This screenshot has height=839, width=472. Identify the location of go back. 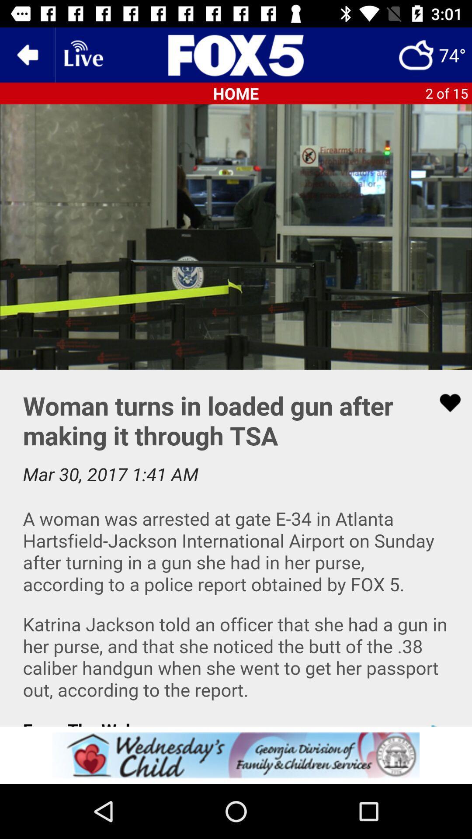
(27, 54).